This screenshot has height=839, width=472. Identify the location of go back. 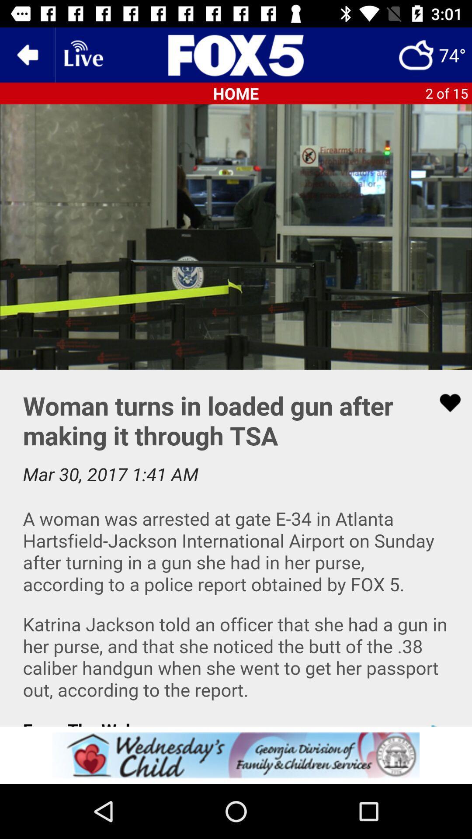
(27, 54).